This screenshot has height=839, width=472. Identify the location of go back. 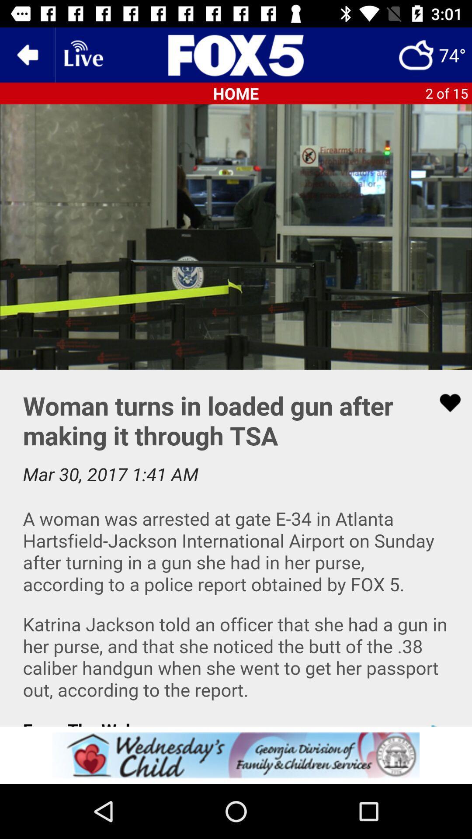
(27, 54).